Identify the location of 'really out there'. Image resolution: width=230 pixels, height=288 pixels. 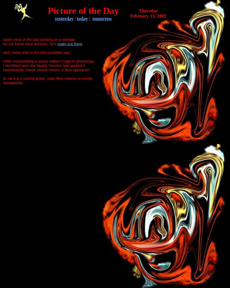
(69, 44).